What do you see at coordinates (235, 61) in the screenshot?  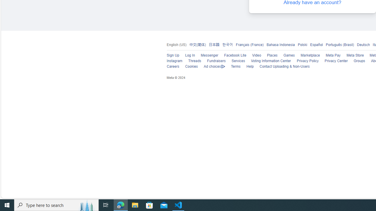 I see `'Services'` at bounding box center [235, 61].